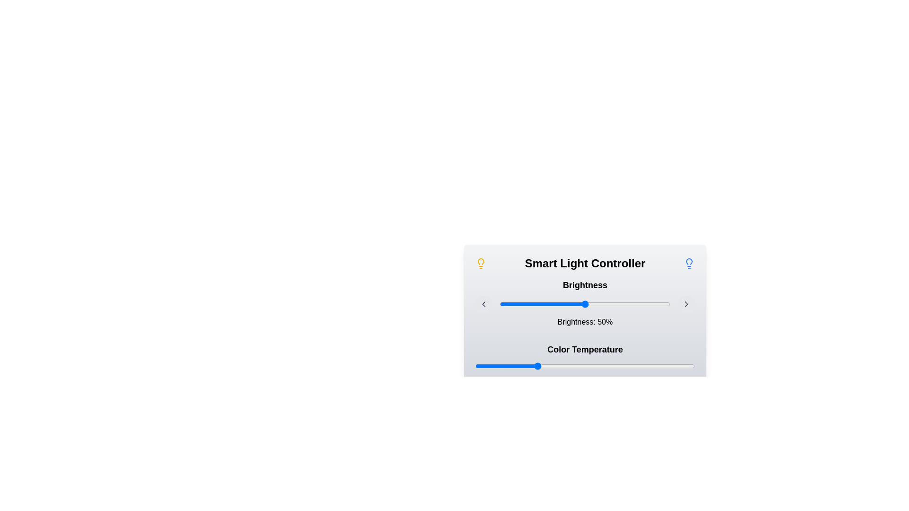 The height and width of the screenshot is (511, 909). What do you see at coordinates (566, 366) in the screenshot?
I see `the color temperature` at bounding box center [566, 366].